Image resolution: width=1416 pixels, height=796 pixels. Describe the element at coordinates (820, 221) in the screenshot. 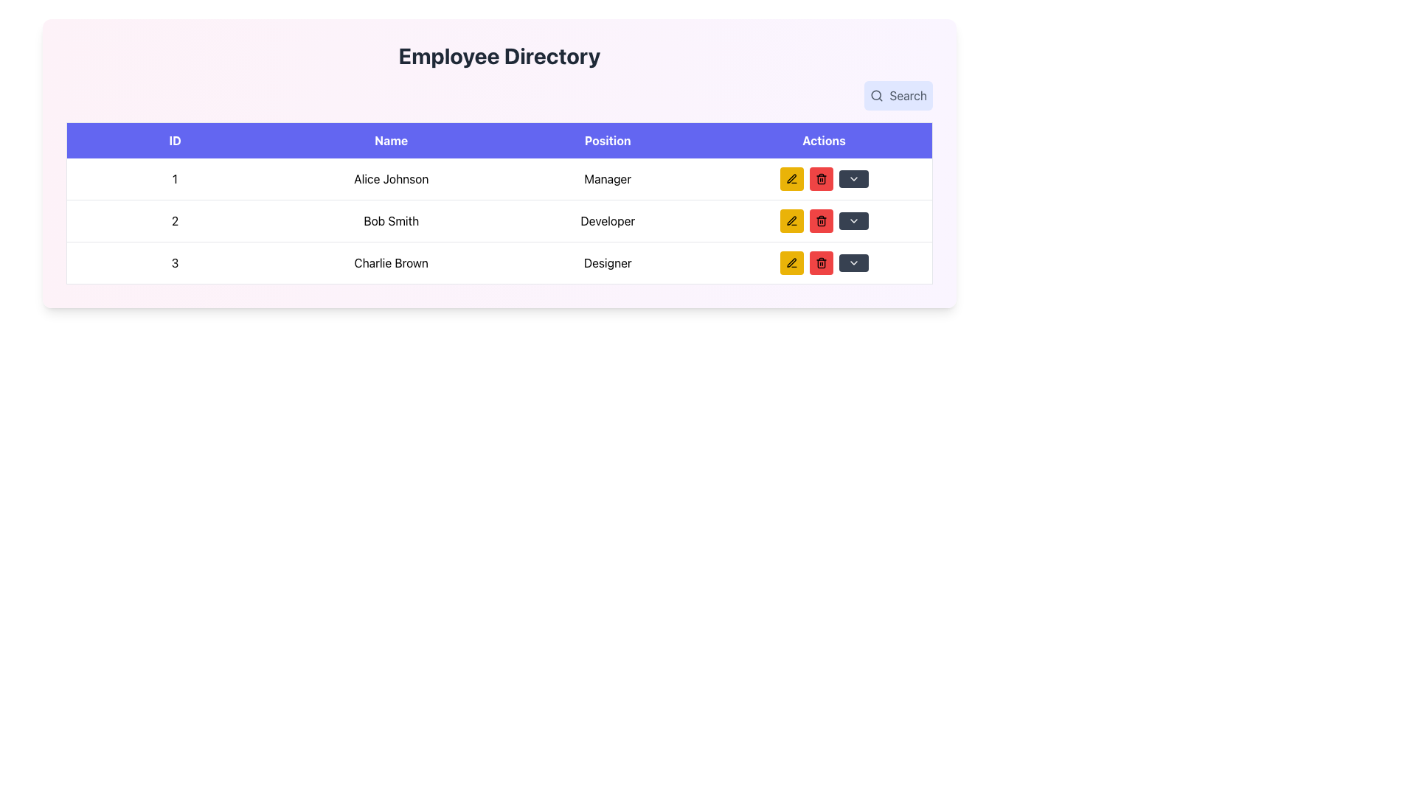

I see `the delete action button with a trash can icon for employee 'Bob Smith', who is a 'Developer'` at that location.